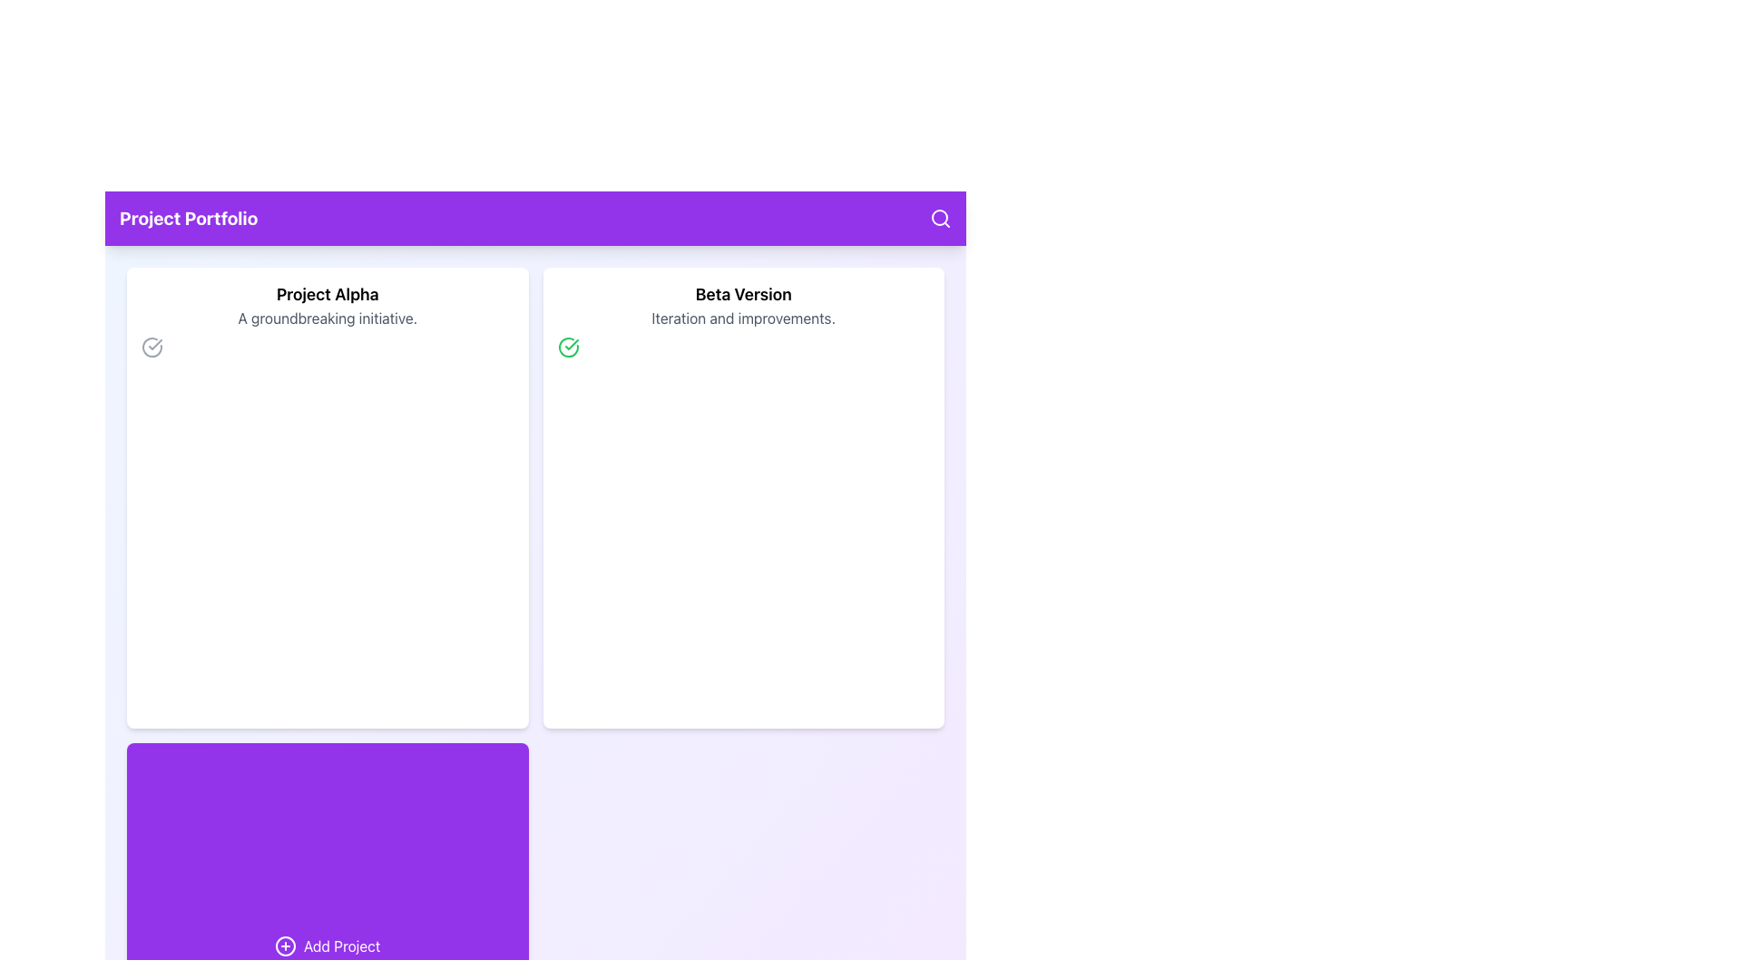  I want to click on contents of the informational card titled 'Beta Version', which is located in the top-right cell of a two-column grid layout, adjacent to the 'Project Alpha' card, so click(743, 497).